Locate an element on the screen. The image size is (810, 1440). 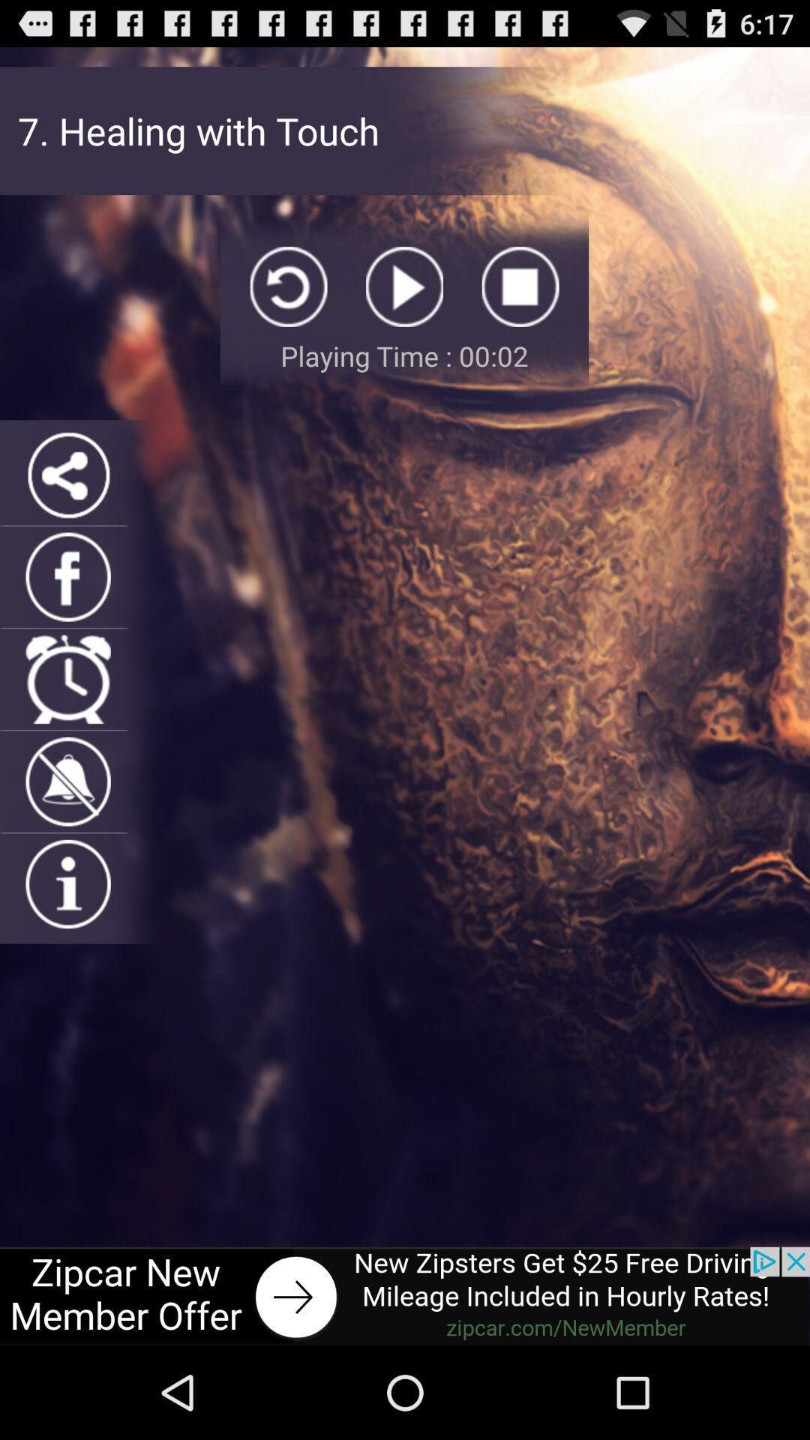
the share icon is located at coordinates (68, 508).